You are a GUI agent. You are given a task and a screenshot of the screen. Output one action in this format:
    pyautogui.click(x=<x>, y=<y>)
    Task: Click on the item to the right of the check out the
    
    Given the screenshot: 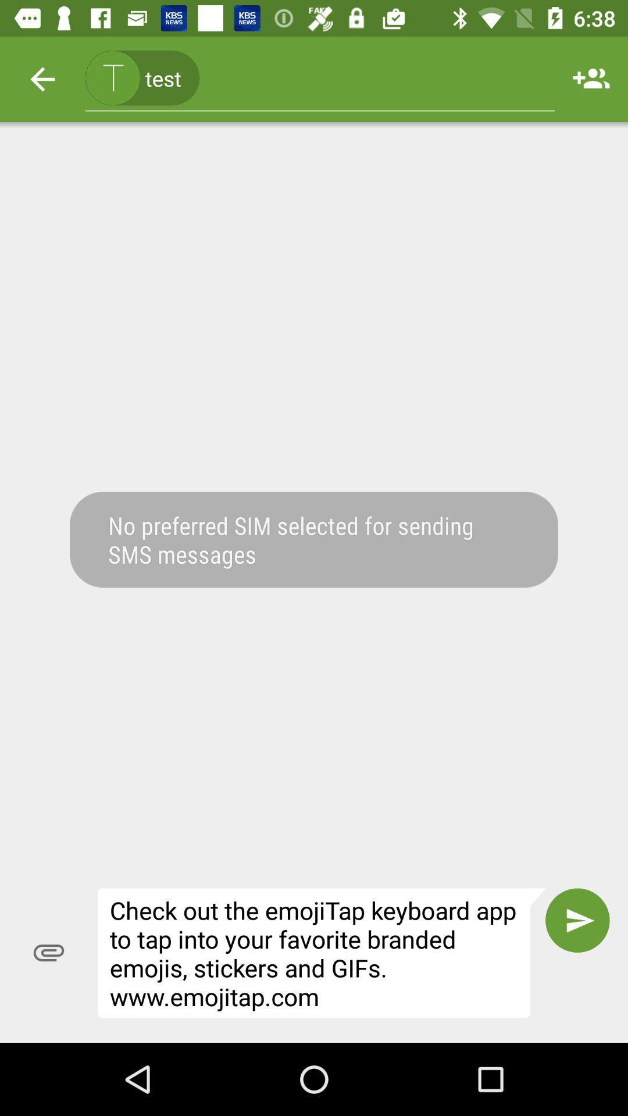 What is the action you would take?
    pyautogui.click(x=577, y=920)
    